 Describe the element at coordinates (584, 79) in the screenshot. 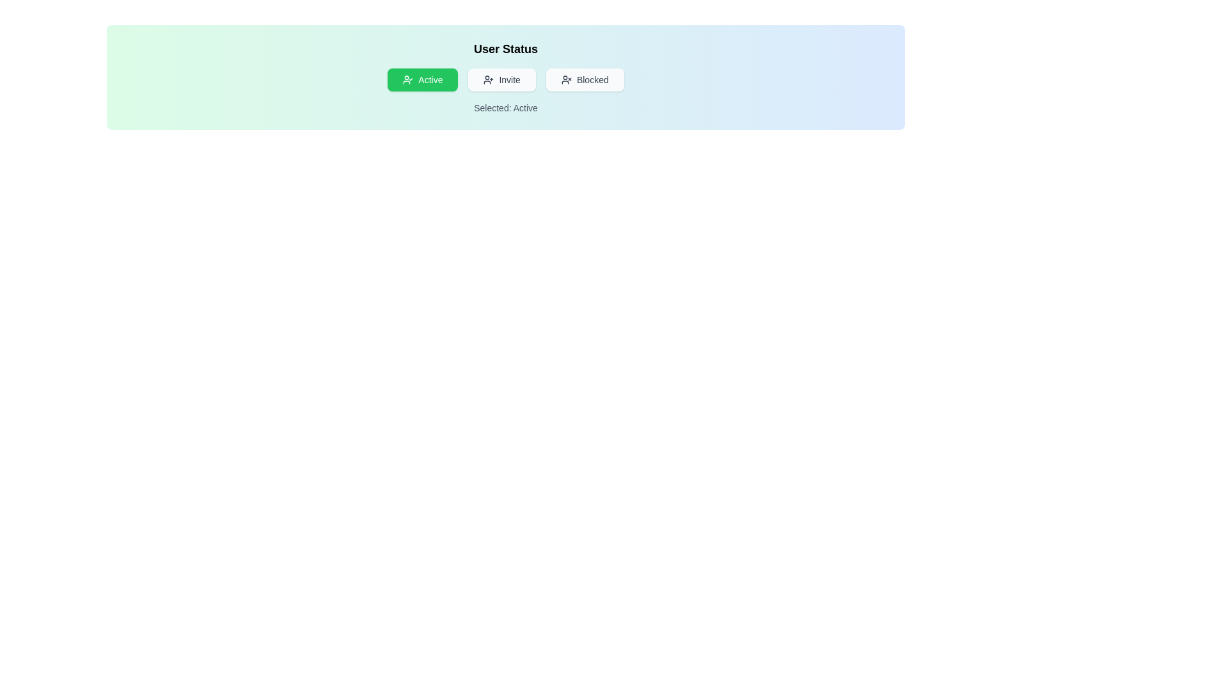

I see `the chip labeled Blocked` at that location.